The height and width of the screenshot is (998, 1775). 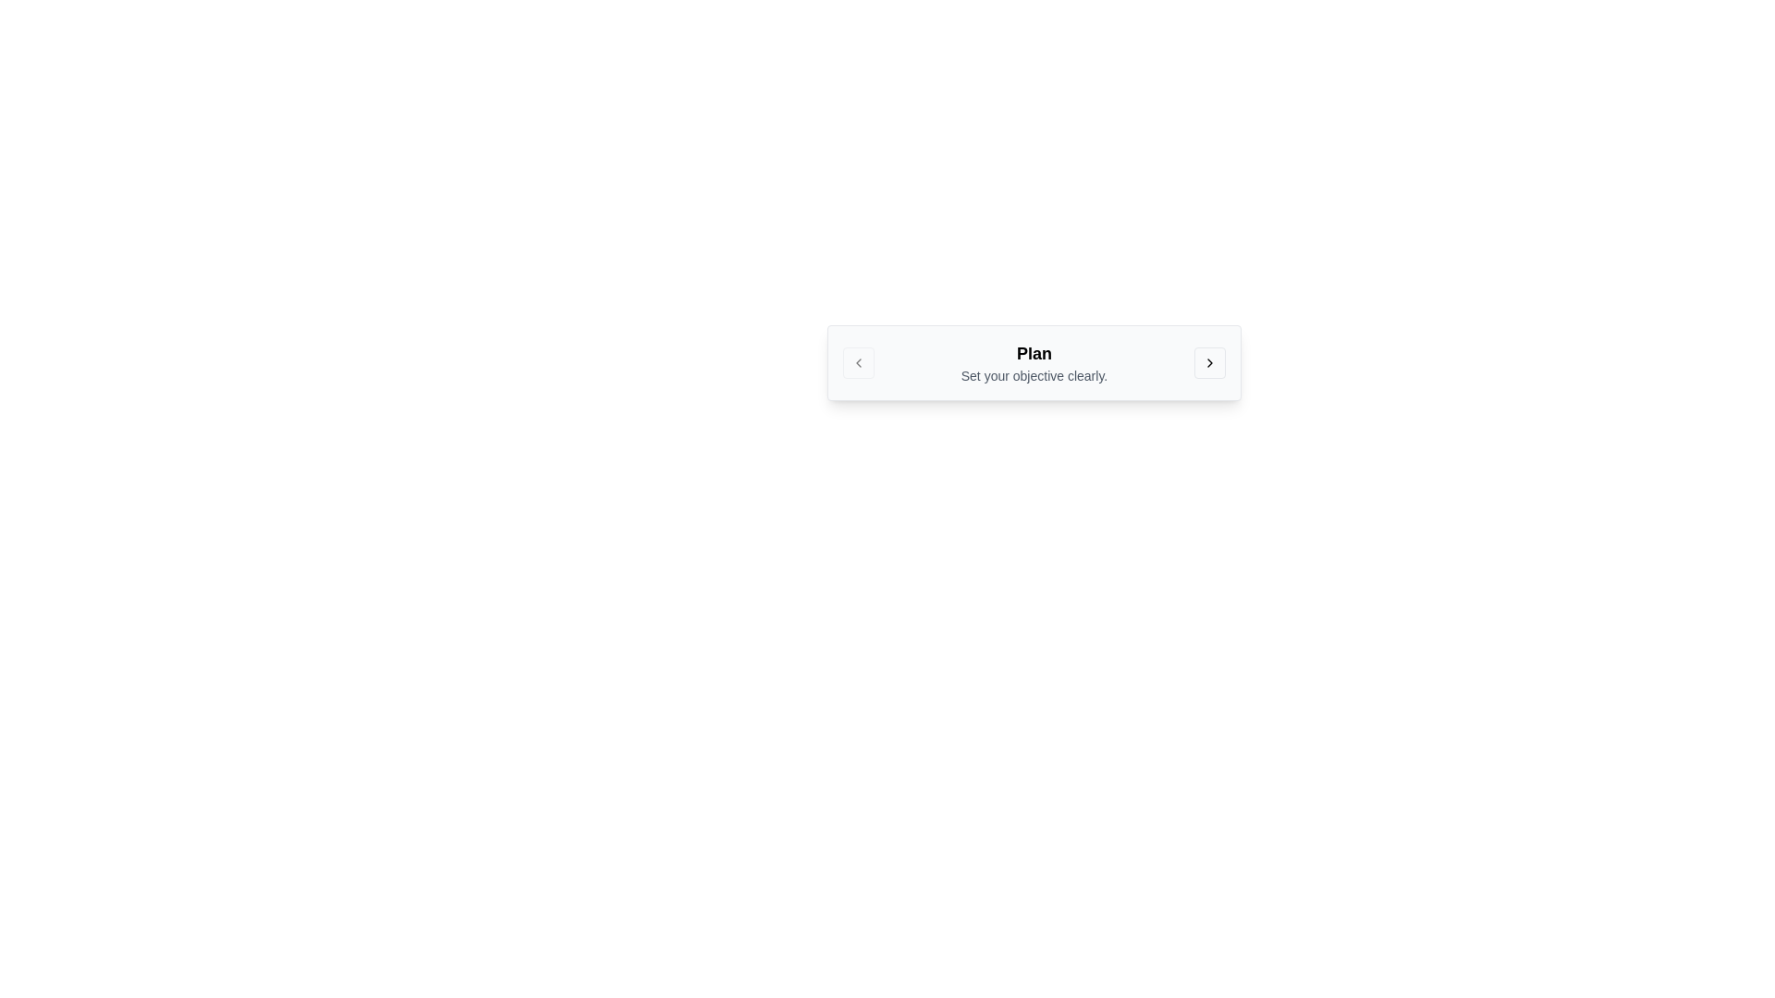 What do you see at coordinates (1033, 353) in the screenshot?
I see `the text label displaying the word 'Plan' in bold and large font size, which is positioned above the text 'Set your objective clearly.'` at bounding box center [1033, 353].